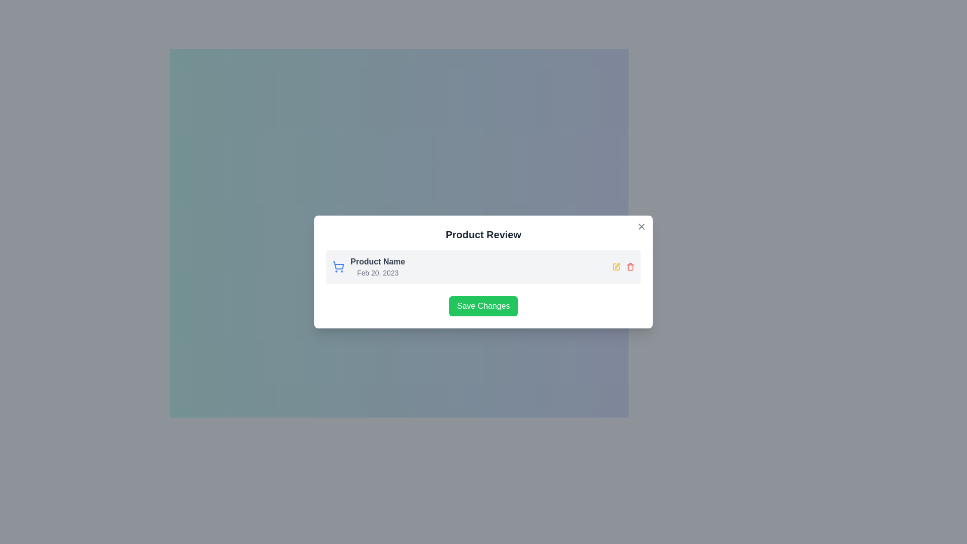 This screenshot has height=544, width=967. What do you see at coordinates (483, 306) in the screenshot?
I see `the 'Save Changes' button, which is styled with a bold font, white text on a green background, located at the bottom of the 'Product Review' modal` at bounding box center [483, 306].